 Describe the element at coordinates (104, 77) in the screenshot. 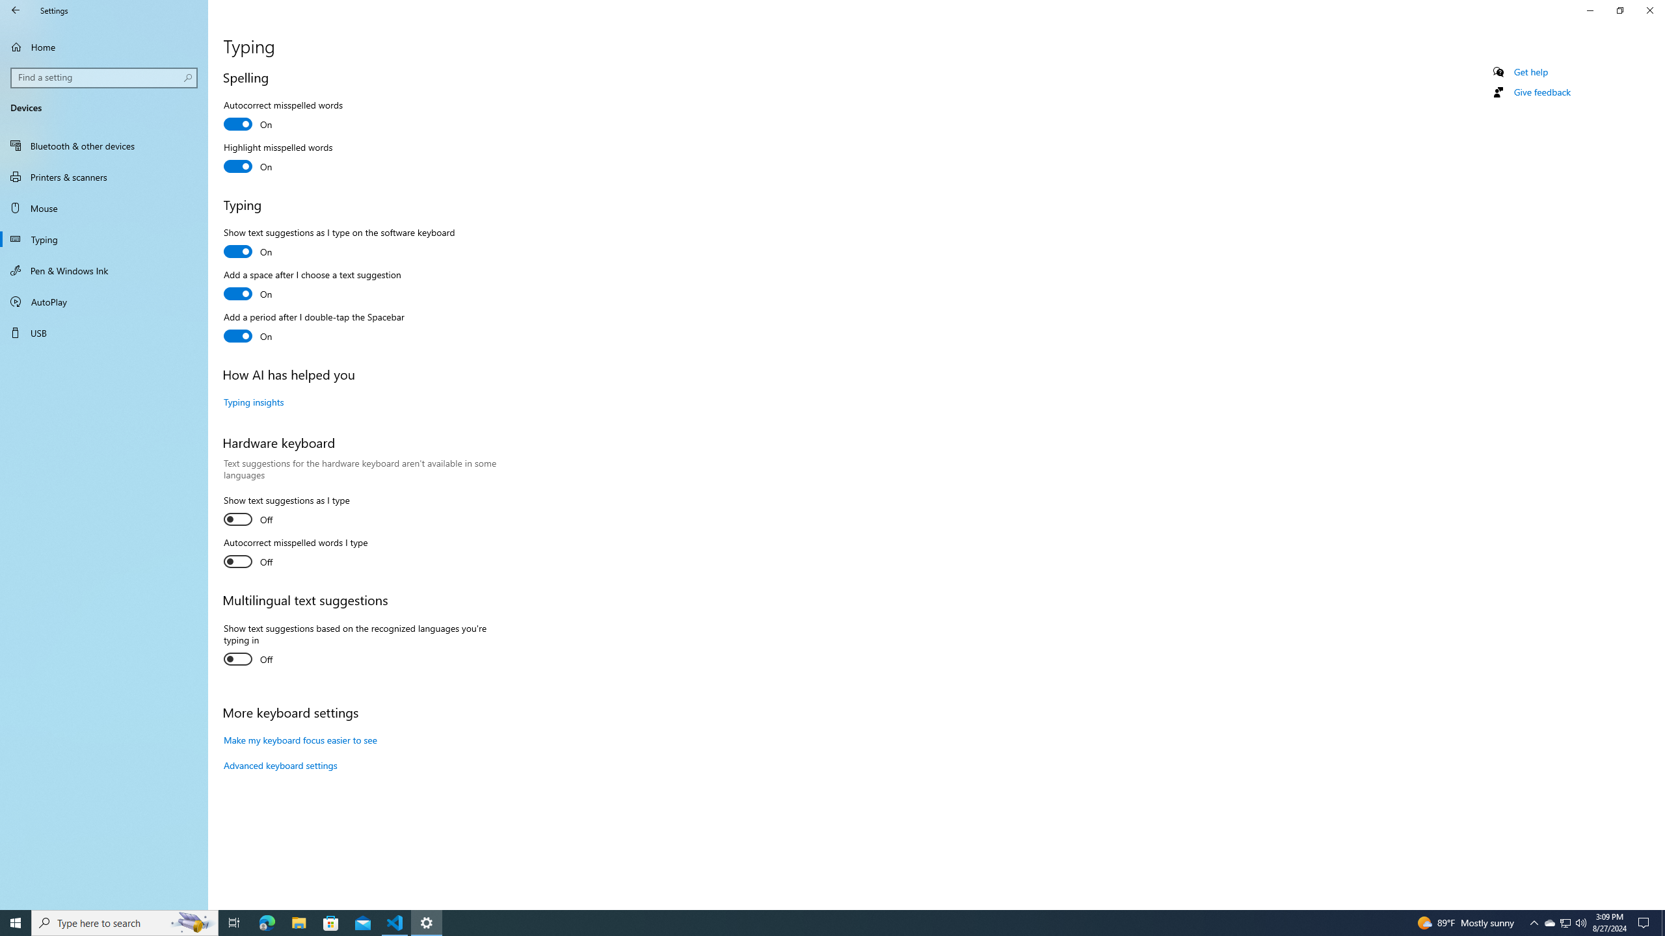

I see `'Search box, Find a setting'` at that location.